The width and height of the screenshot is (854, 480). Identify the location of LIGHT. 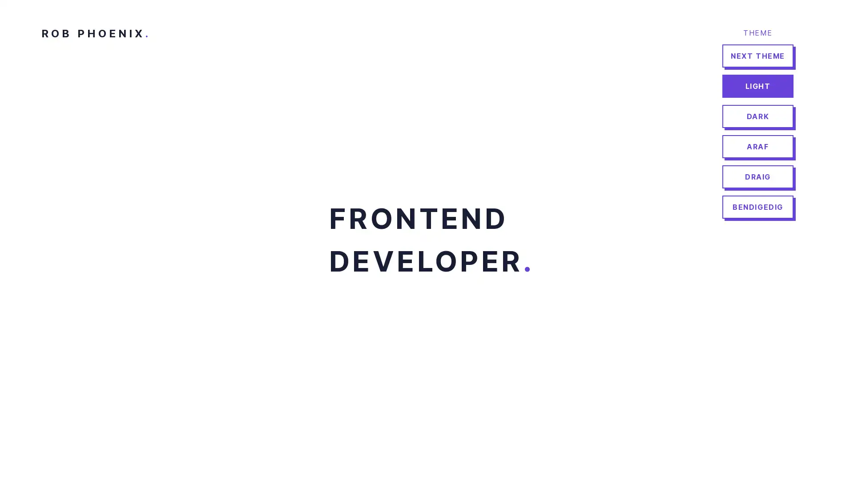
(757, 86).